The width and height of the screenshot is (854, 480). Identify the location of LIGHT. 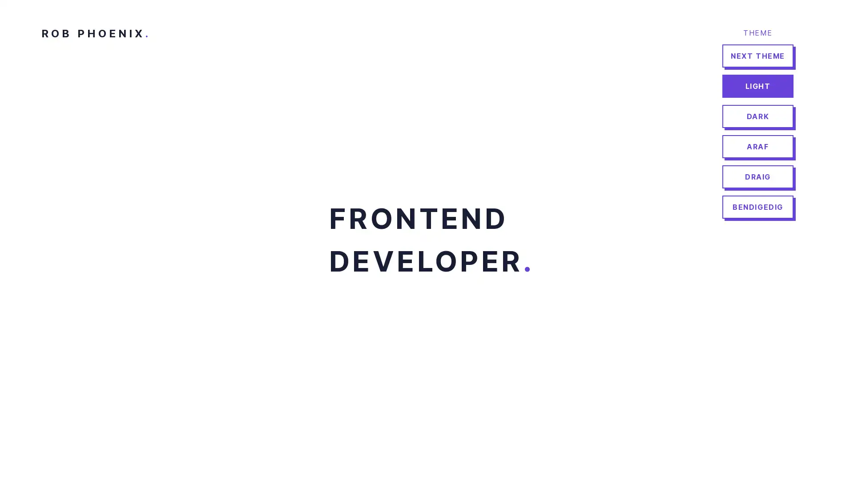
(757, 86).